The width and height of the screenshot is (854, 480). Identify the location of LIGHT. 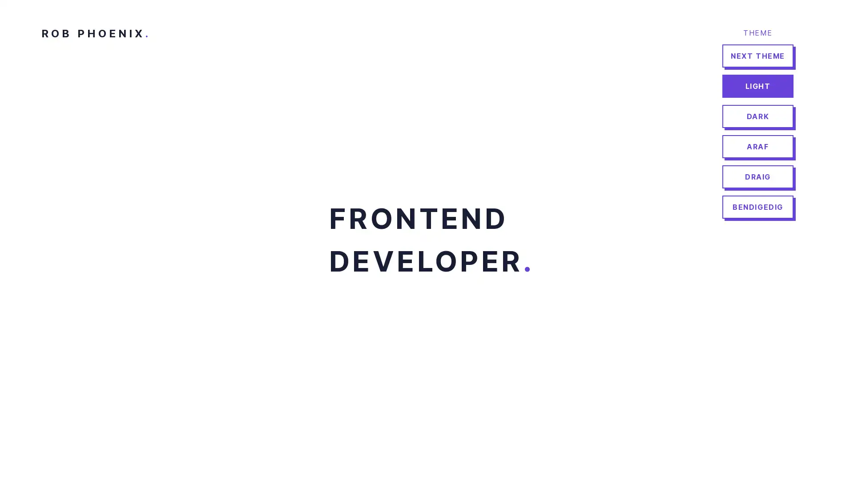
(757, 86).